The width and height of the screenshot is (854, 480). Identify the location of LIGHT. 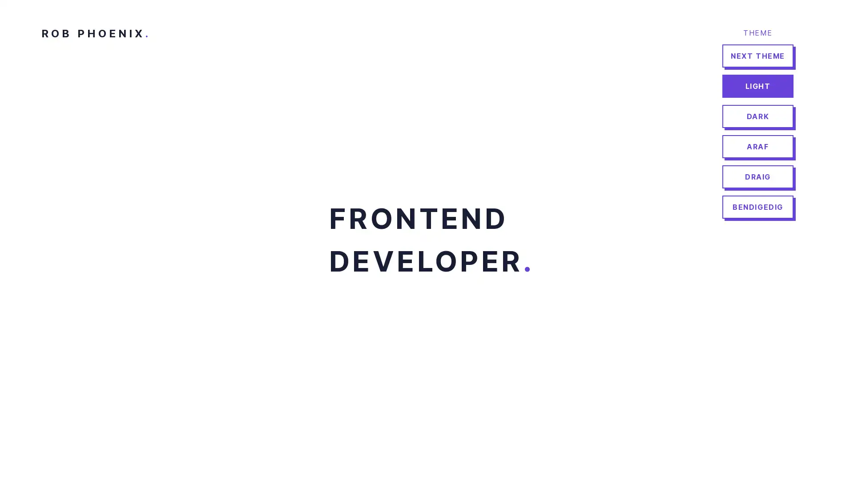
(757, 86).